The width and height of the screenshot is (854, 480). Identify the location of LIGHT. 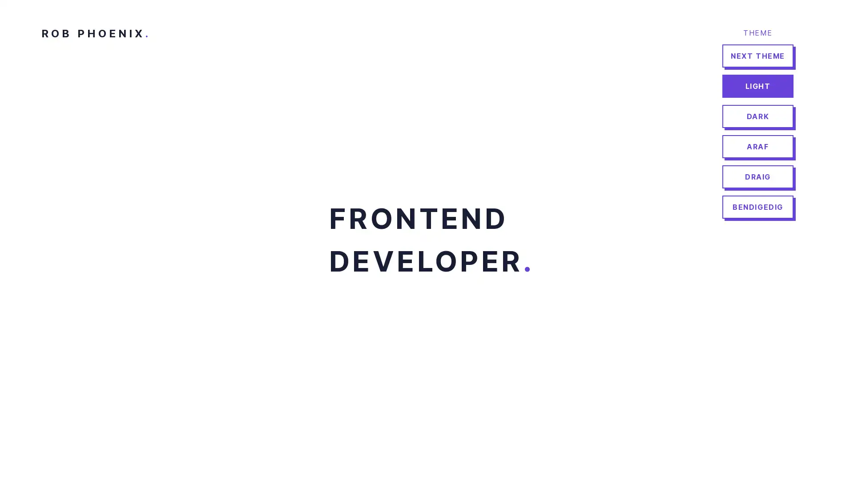
(757, 86).